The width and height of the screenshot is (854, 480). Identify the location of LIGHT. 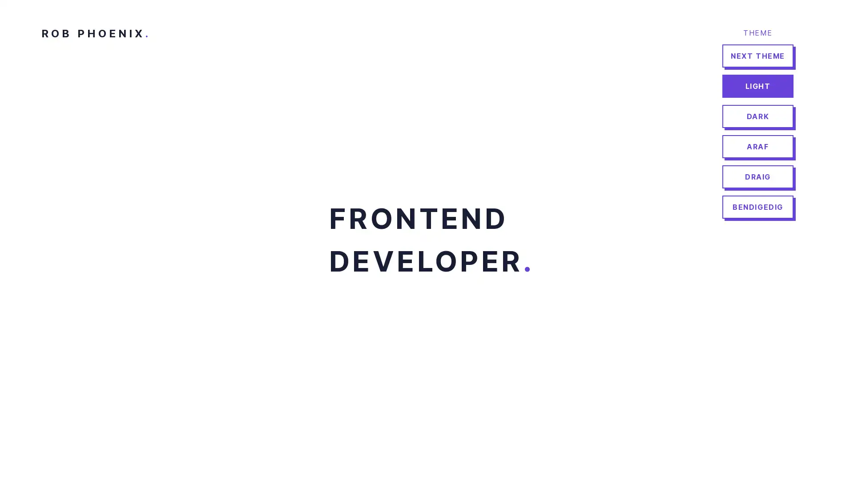
(757, 86).